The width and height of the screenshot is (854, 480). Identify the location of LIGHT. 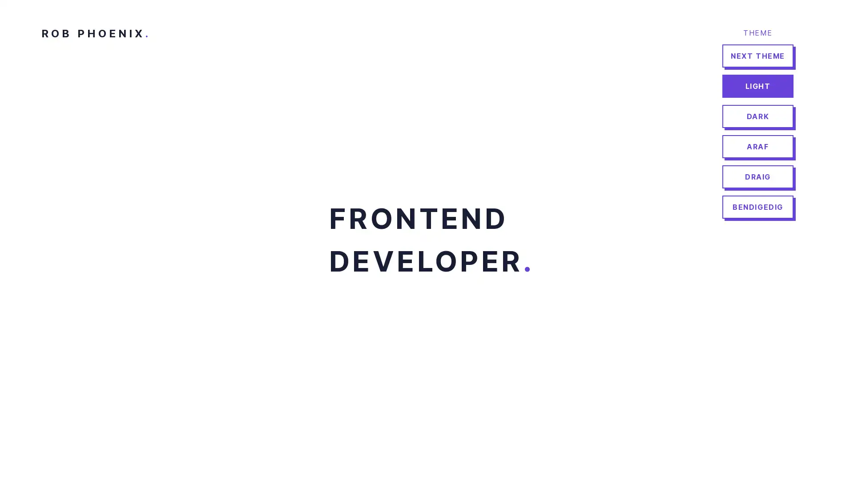
(757, 86).